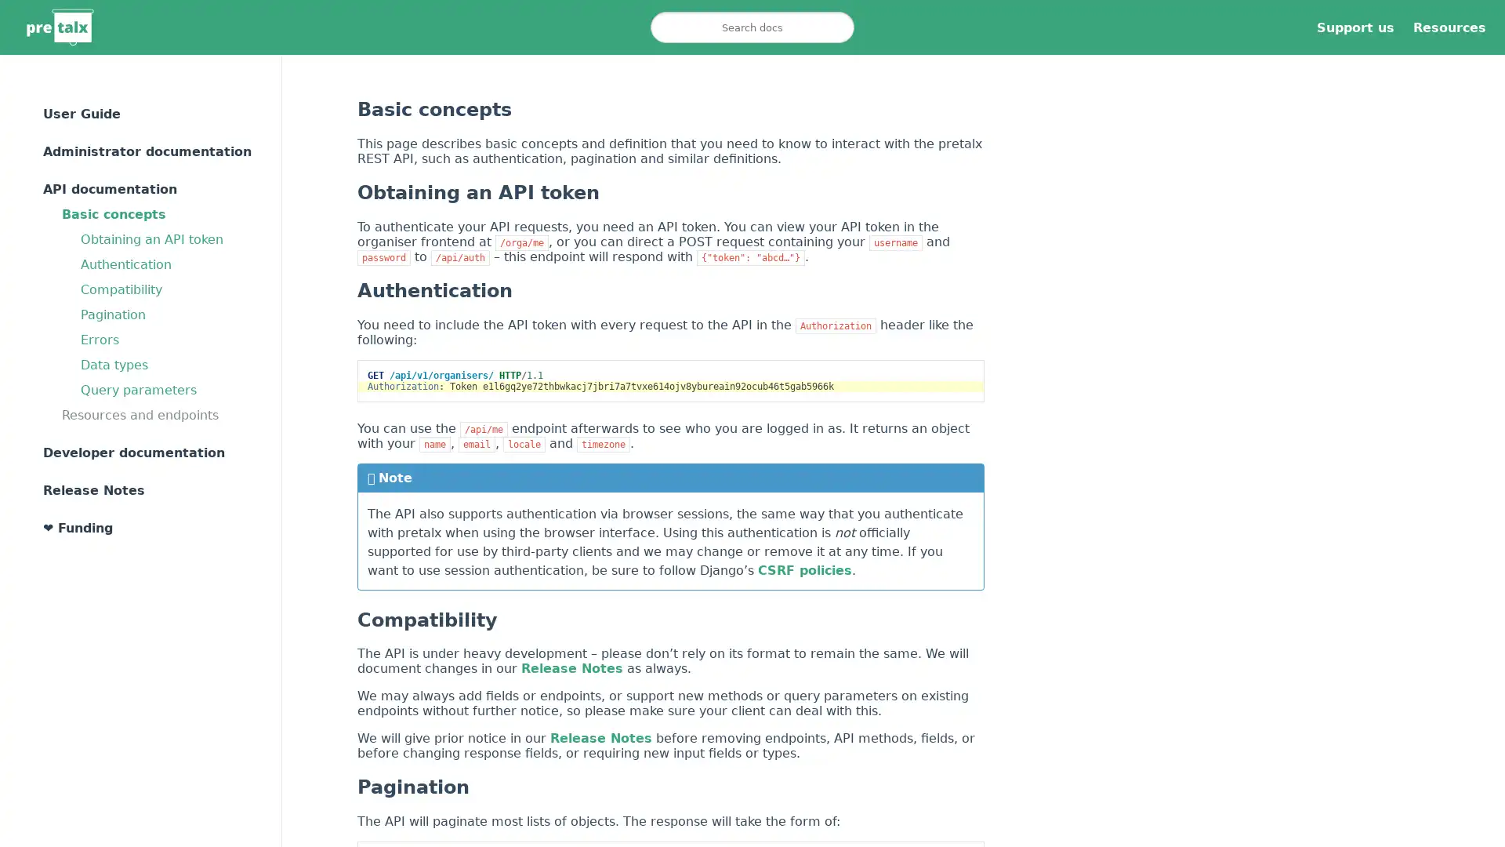 Image resolution: width=1505 pixels, height=847 pixels. What do you see at coordinates (968, 374) in the screenshot?
I see `Copy to clipboard` at bounding box center [968, 374].